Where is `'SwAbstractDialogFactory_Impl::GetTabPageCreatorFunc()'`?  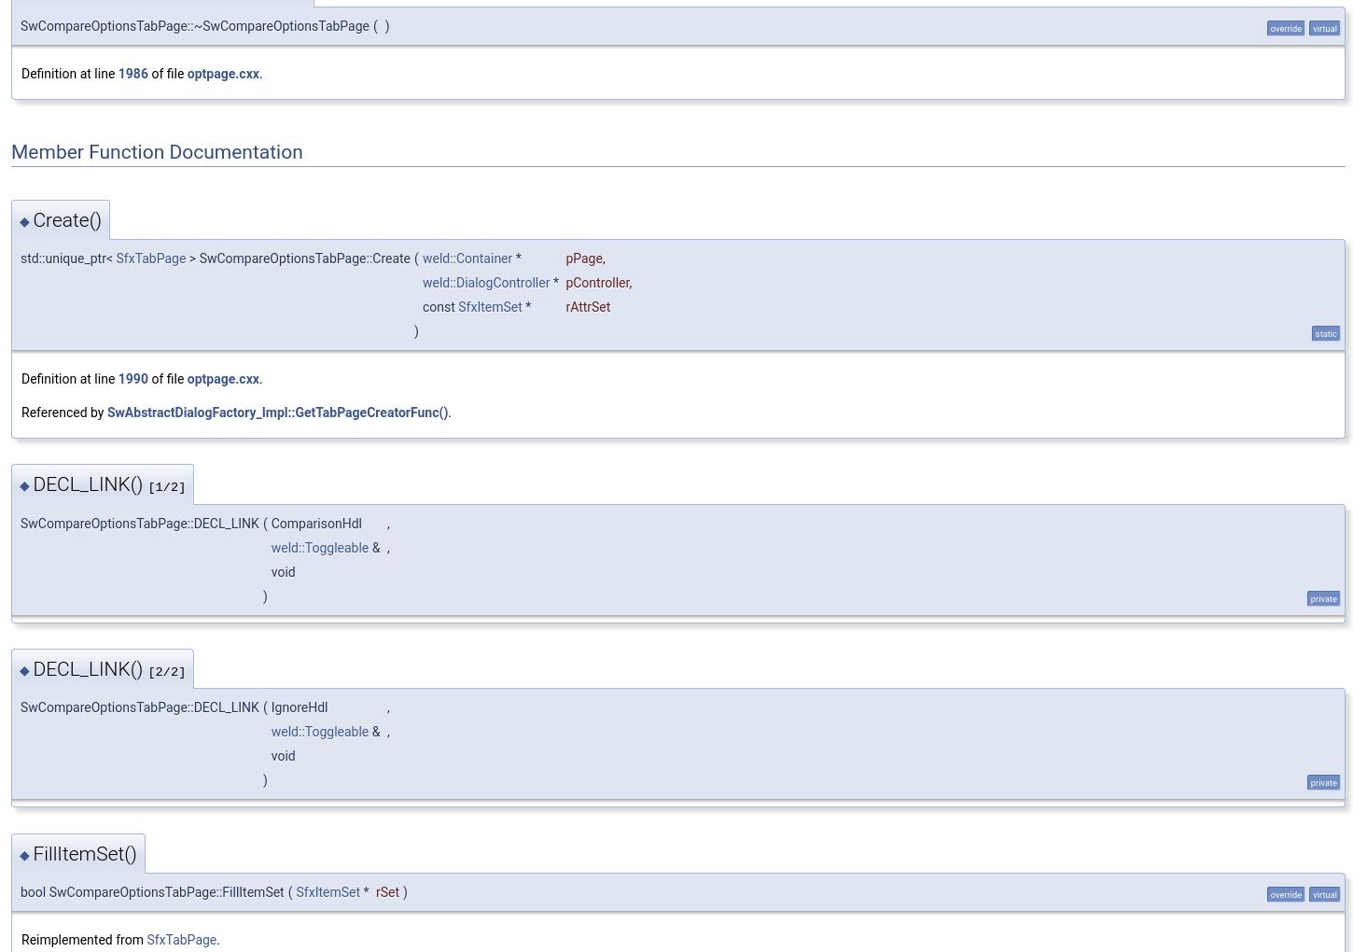 'SwAbstractDialogFactory_Impl::GetTabPageCreatorFunc()' is located at coordinates (105, 411).